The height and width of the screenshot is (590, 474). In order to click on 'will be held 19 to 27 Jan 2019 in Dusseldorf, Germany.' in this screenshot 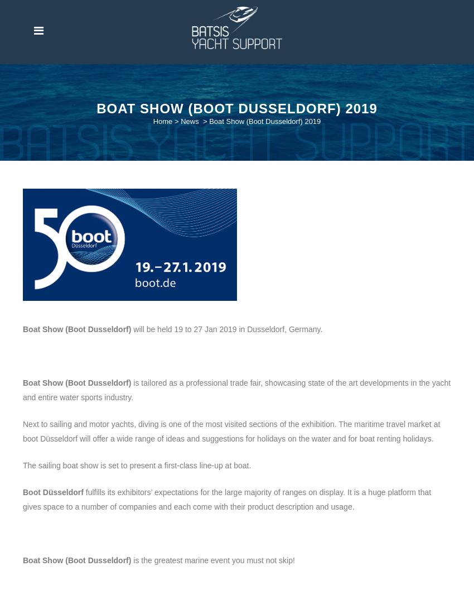, I will do `click(226, 328)`.